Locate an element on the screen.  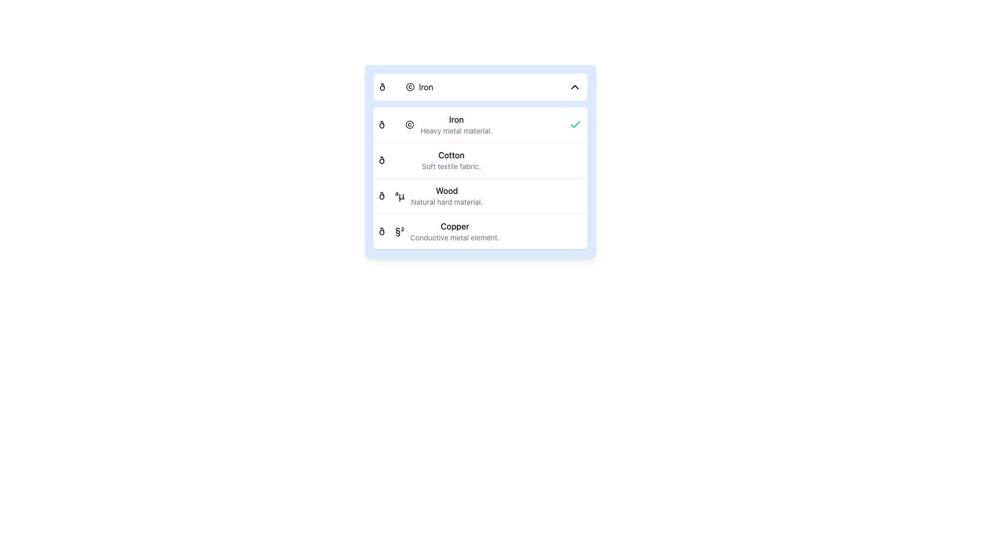
the green checkmark icon indicating approval in the dropdown menu for 'Iron' is located at coordinates (574, 124).